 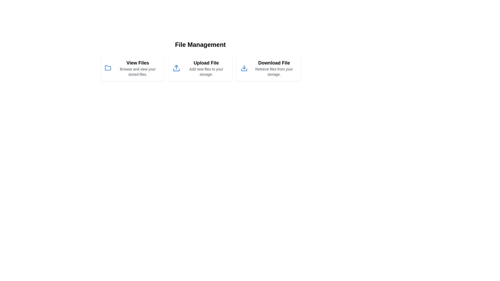 I want to click on the text label indicating the heading 'Upload File', which is styled with a large, bold font and is located in the middle panel of a three-panel layout, so click(x=206, y=63).